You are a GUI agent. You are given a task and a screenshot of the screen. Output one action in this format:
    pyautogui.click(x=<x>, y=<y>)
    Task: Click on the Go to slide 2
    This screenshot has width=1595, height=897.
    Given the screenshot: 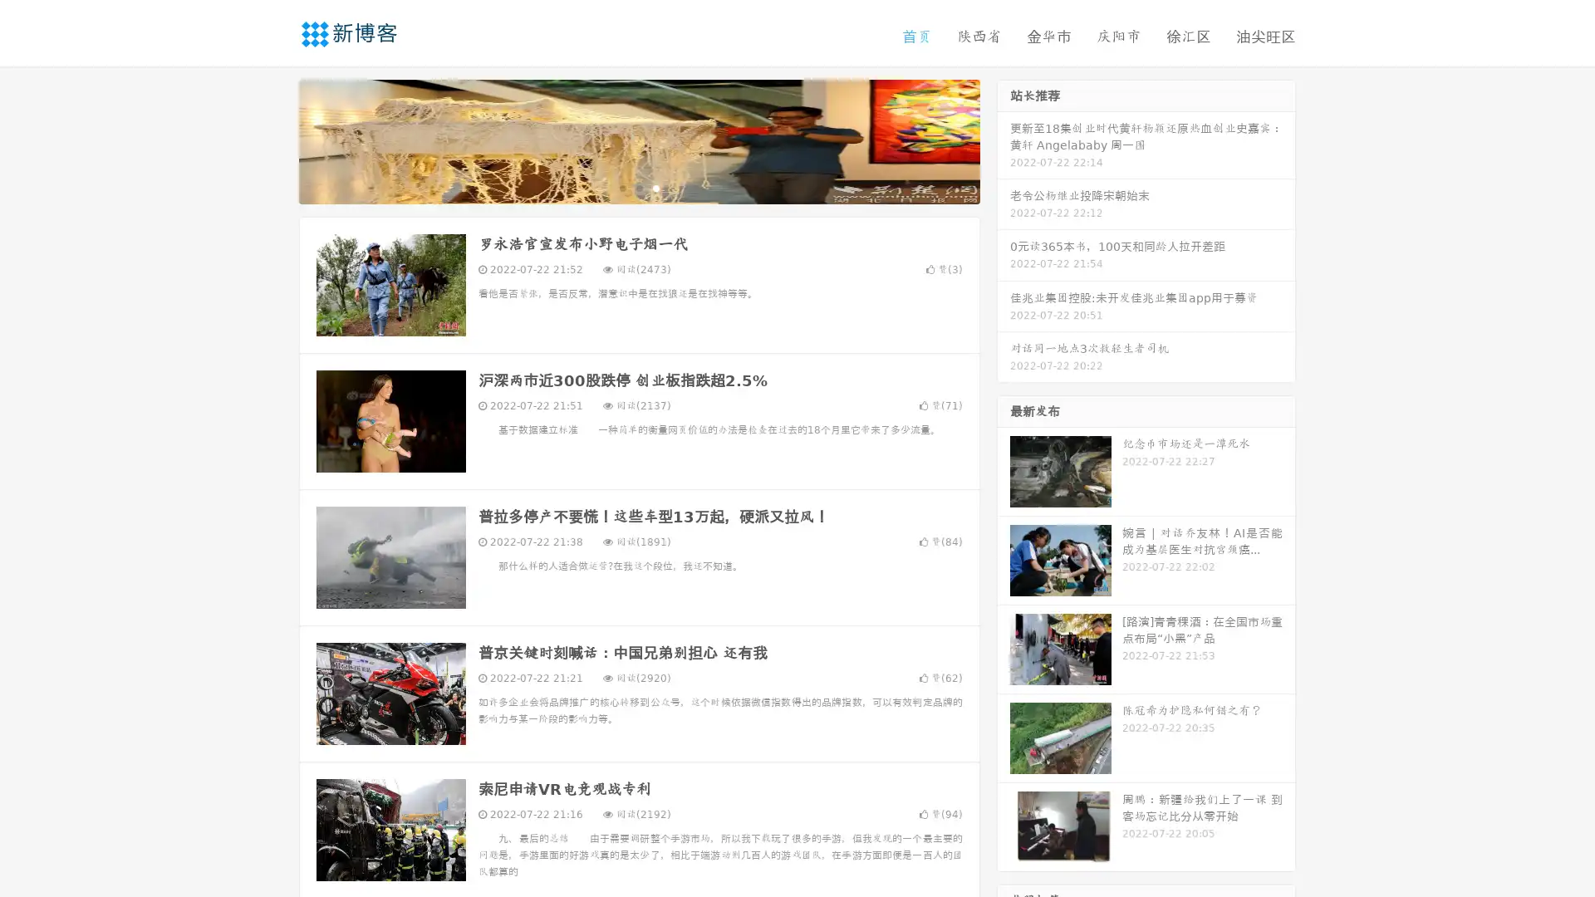 What is the action you would take?
    pyautogui.click(x=638, y=187)
    